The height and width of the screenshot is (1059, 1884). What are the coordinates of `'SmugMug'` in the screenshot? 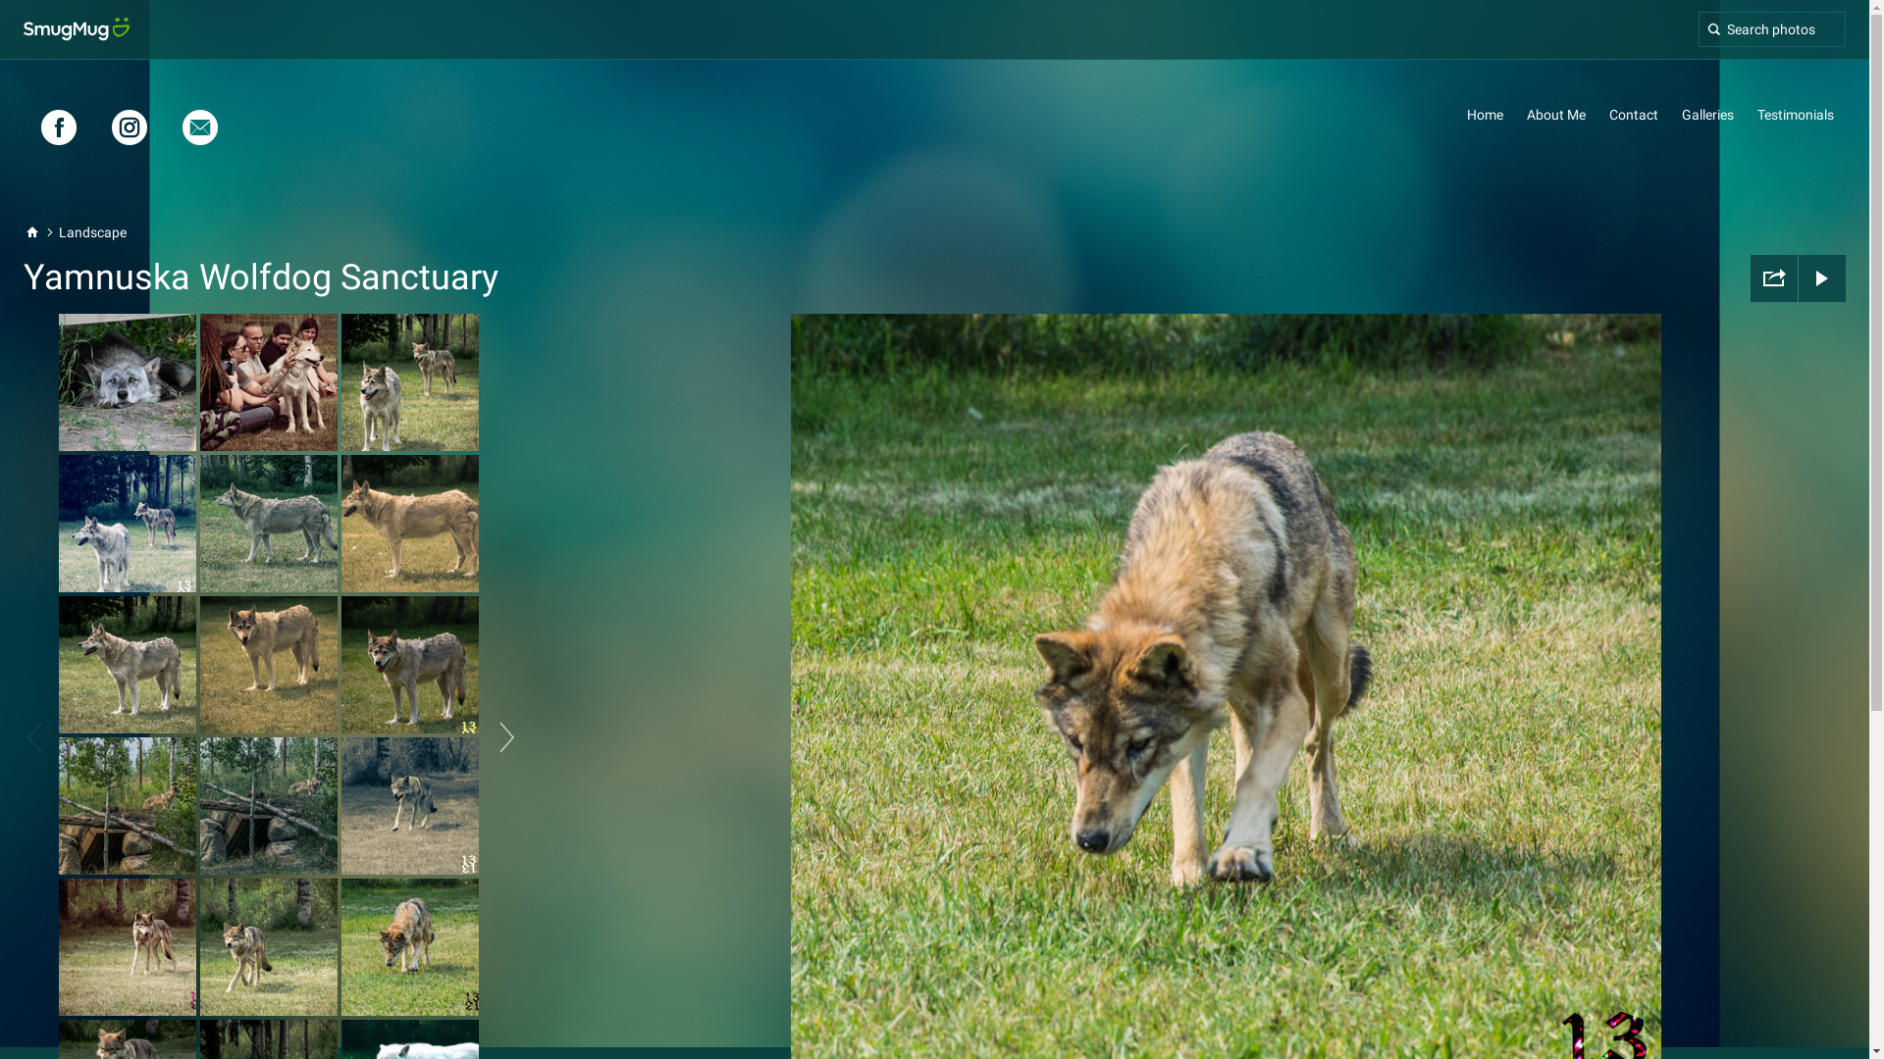 It's located at (76, 29).